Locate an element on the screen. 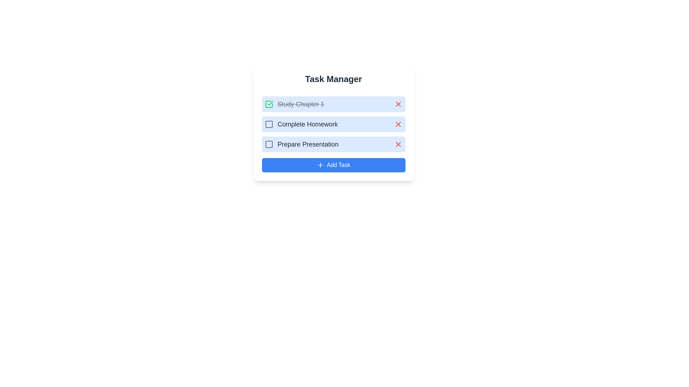 This screenshot has width=689, height=387. the delete button for the task 'Study Chapter 1' is located at coordinates (398, 104).